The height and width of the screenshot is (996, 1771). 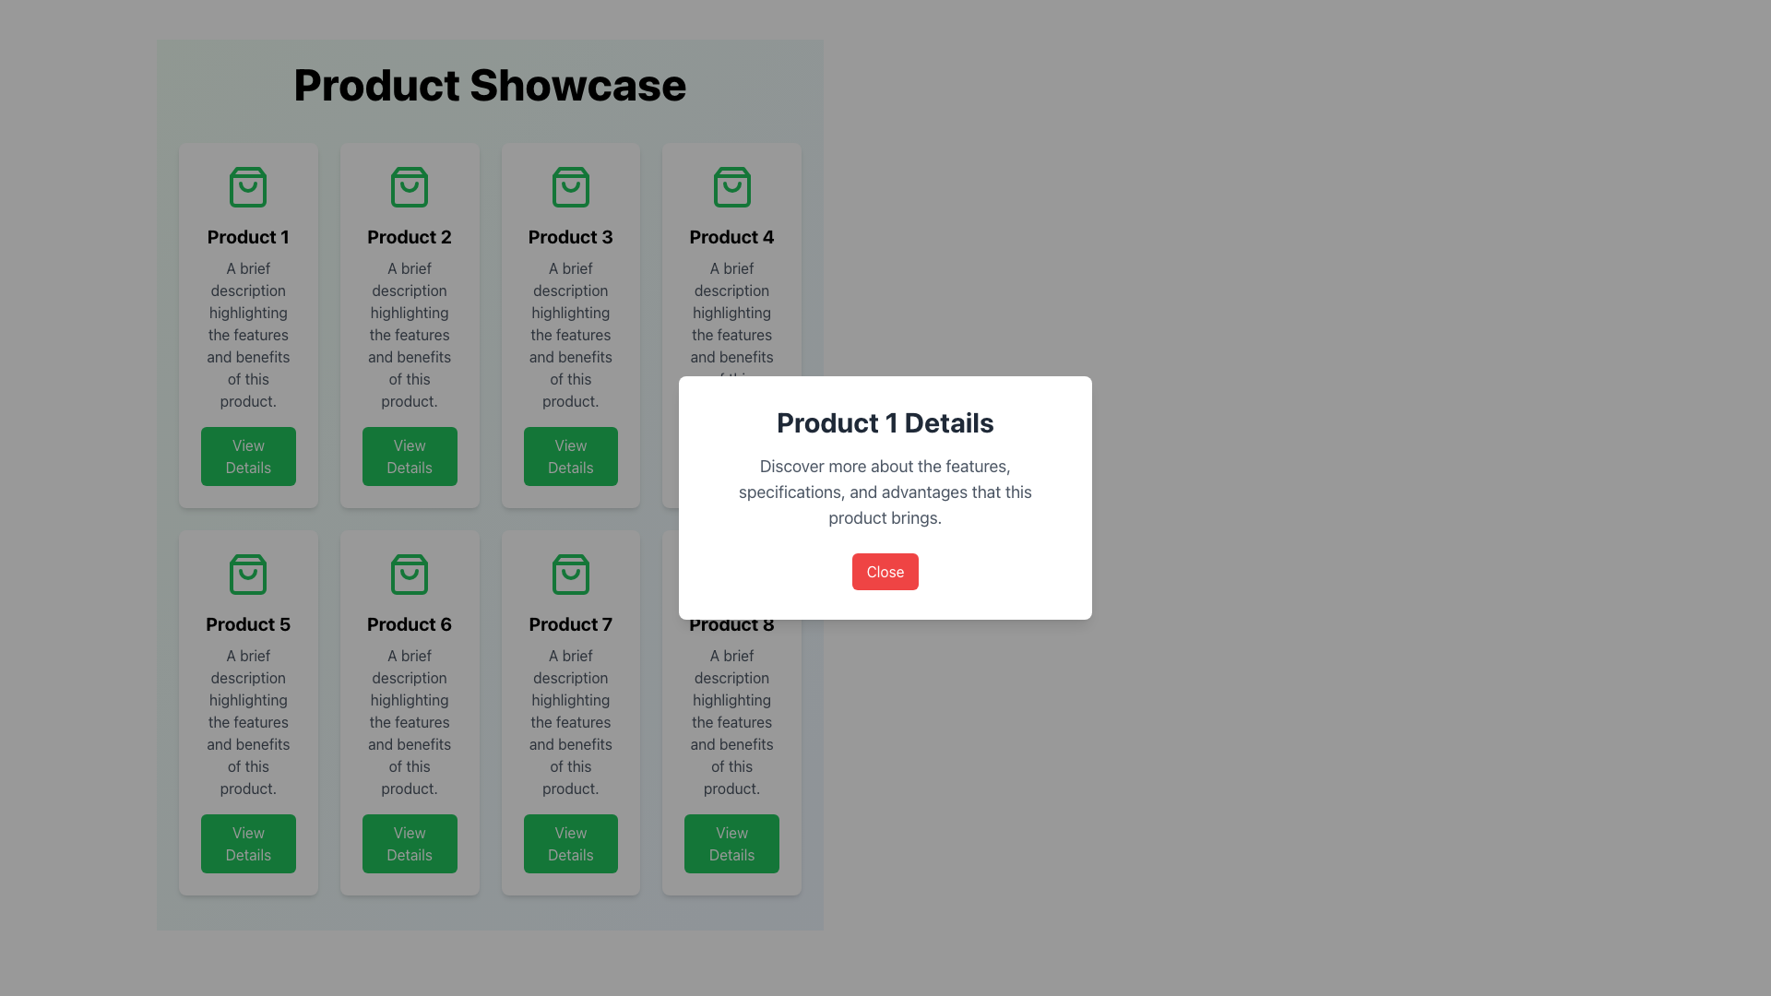 I want to click on central description text block that displays 'A brief description highlighting the features and benefits of this product.' located beneath the title 'Product 4', so click(x=731, y=334).